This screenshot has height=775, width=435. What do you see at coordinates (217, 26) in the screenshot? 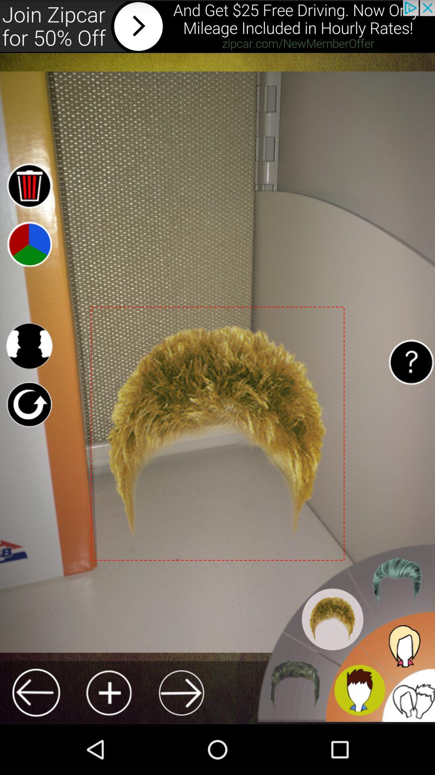
I see `advertisement for zipcar` at bounding box center [217, 26].